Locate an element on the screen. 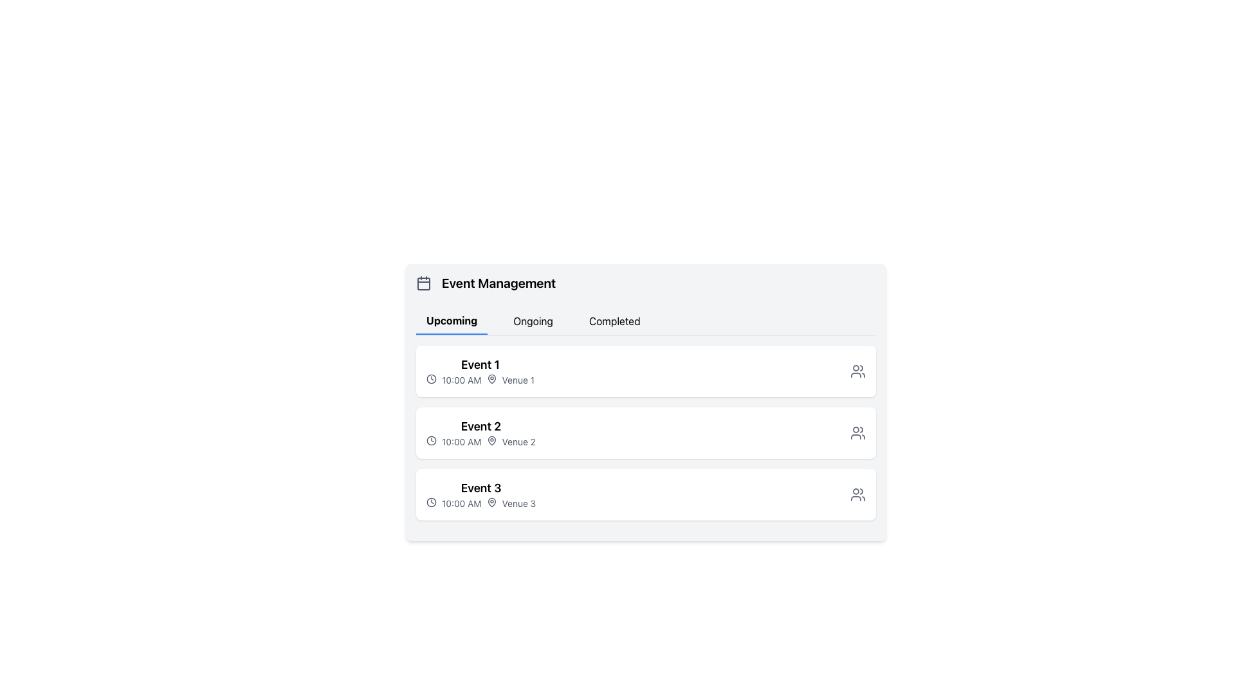 The height and width of the screenshot is (694, 1235). informational content of the list item displaying 'Event 3', which includes its title, schedule, and venue information is located at coordinates (480, 494).